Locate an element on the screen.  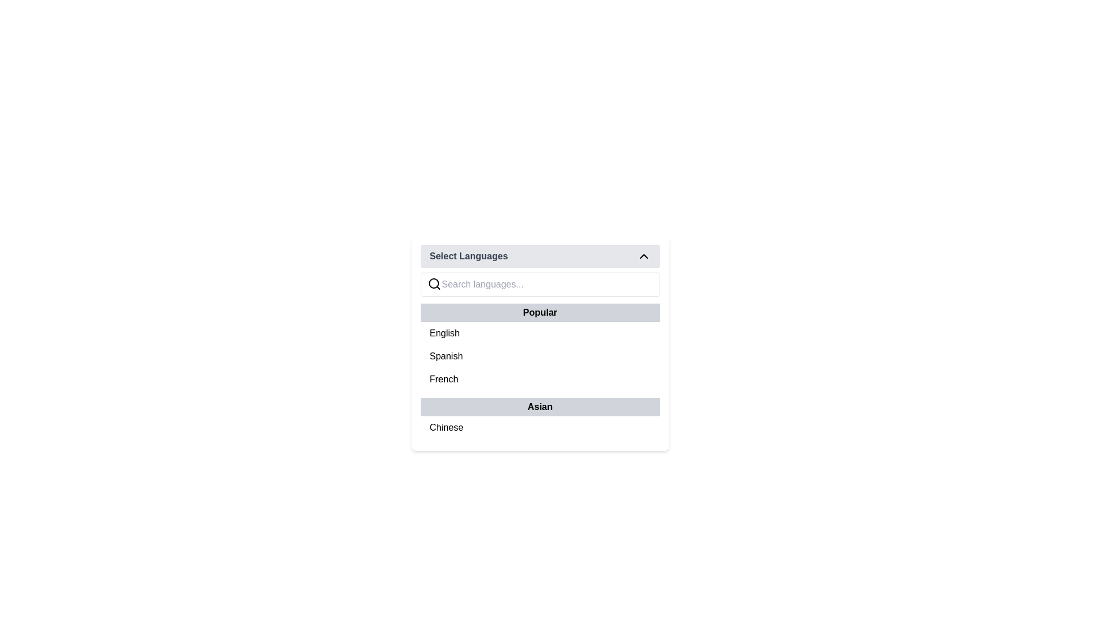
the 'Chinese' text option in the dropdown menu is located at coordinates (445, 428).